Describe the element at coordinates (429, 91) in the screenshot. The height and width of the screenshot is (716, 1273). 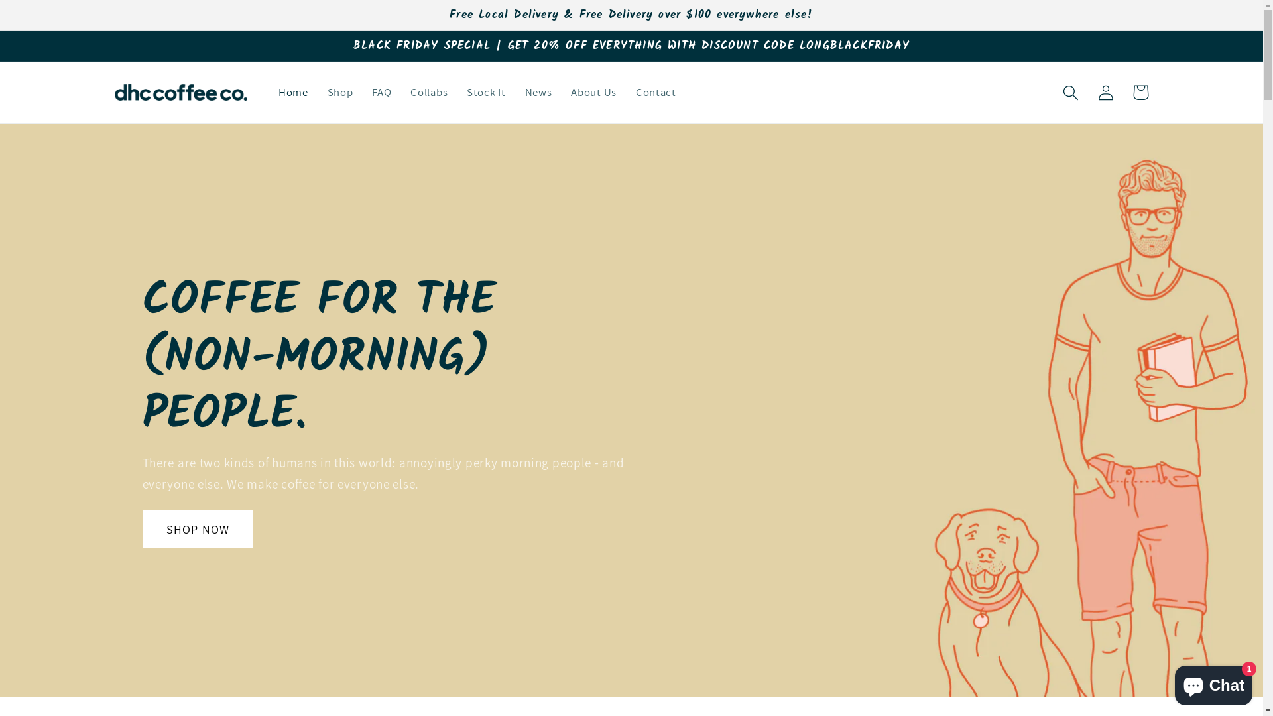
I see `'Collabs'` at that location.